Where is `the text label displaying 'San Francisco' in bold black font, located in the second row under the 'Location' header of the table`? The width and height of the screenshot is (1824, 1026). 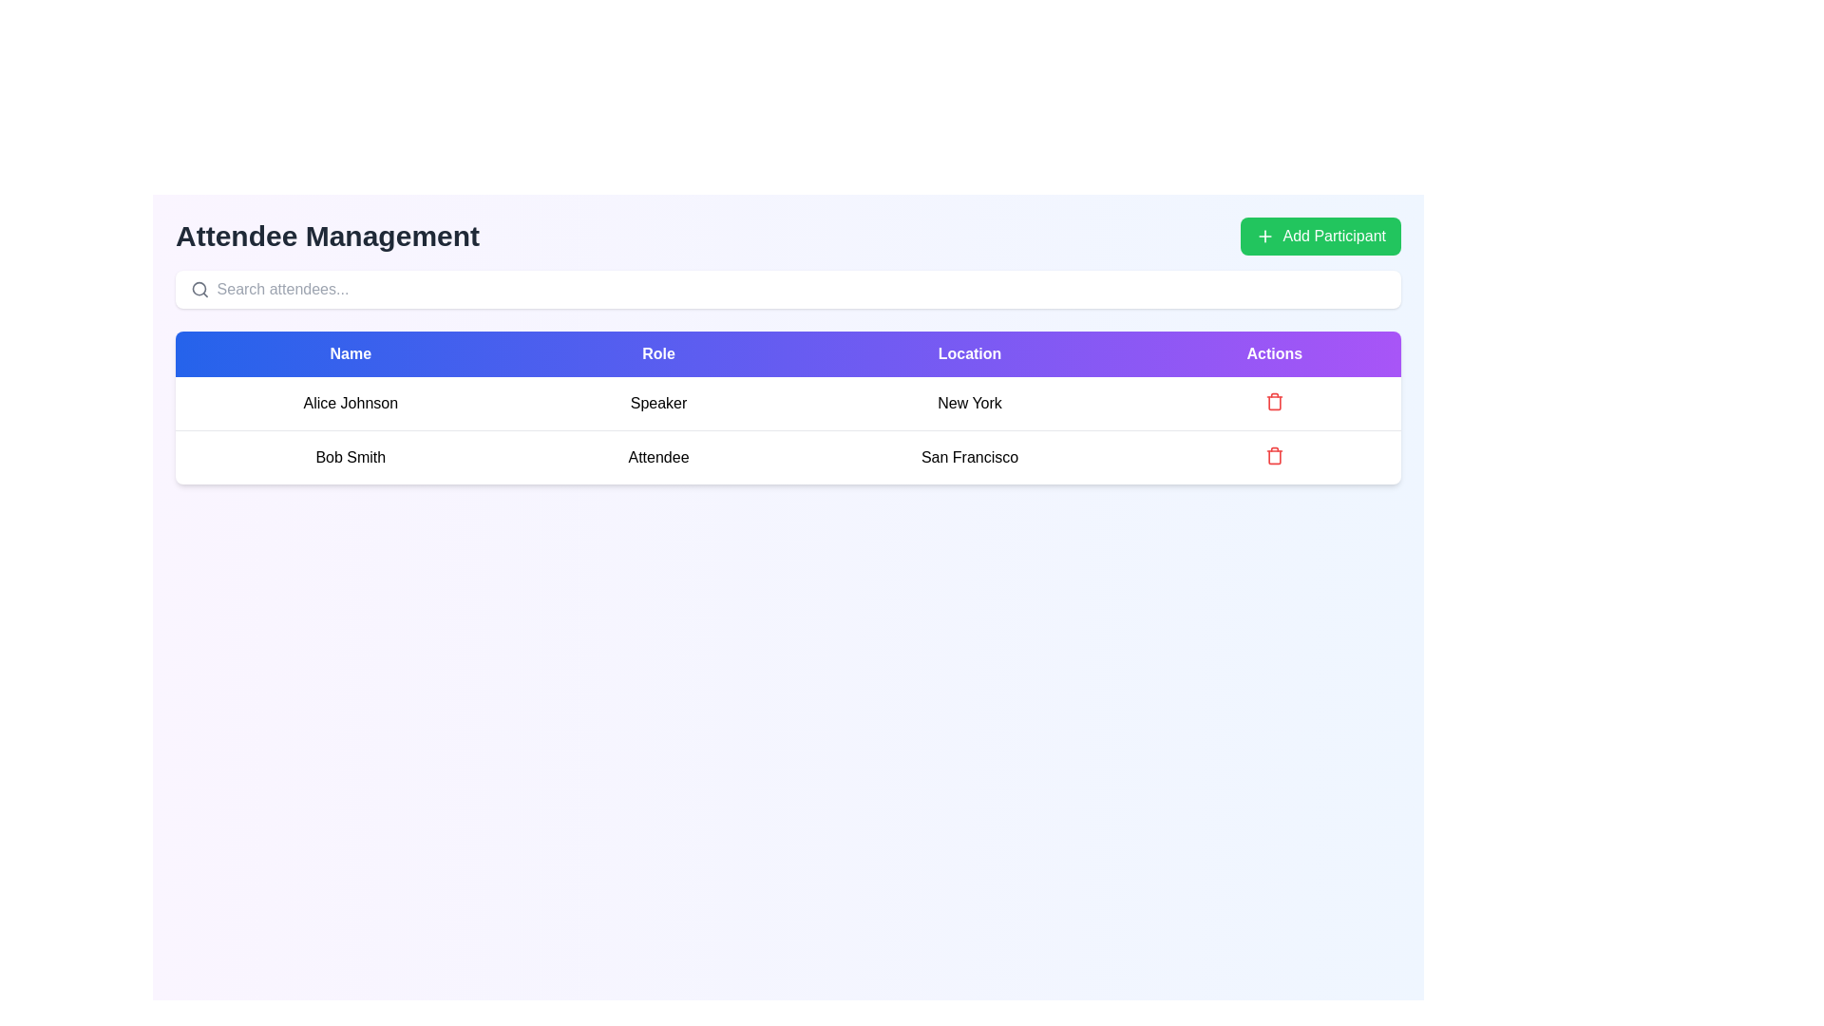
the text label displaying 'San Francisco' in bold black font, located in the second row under the 'Location' header of the table is located at coordinates (970, 457).